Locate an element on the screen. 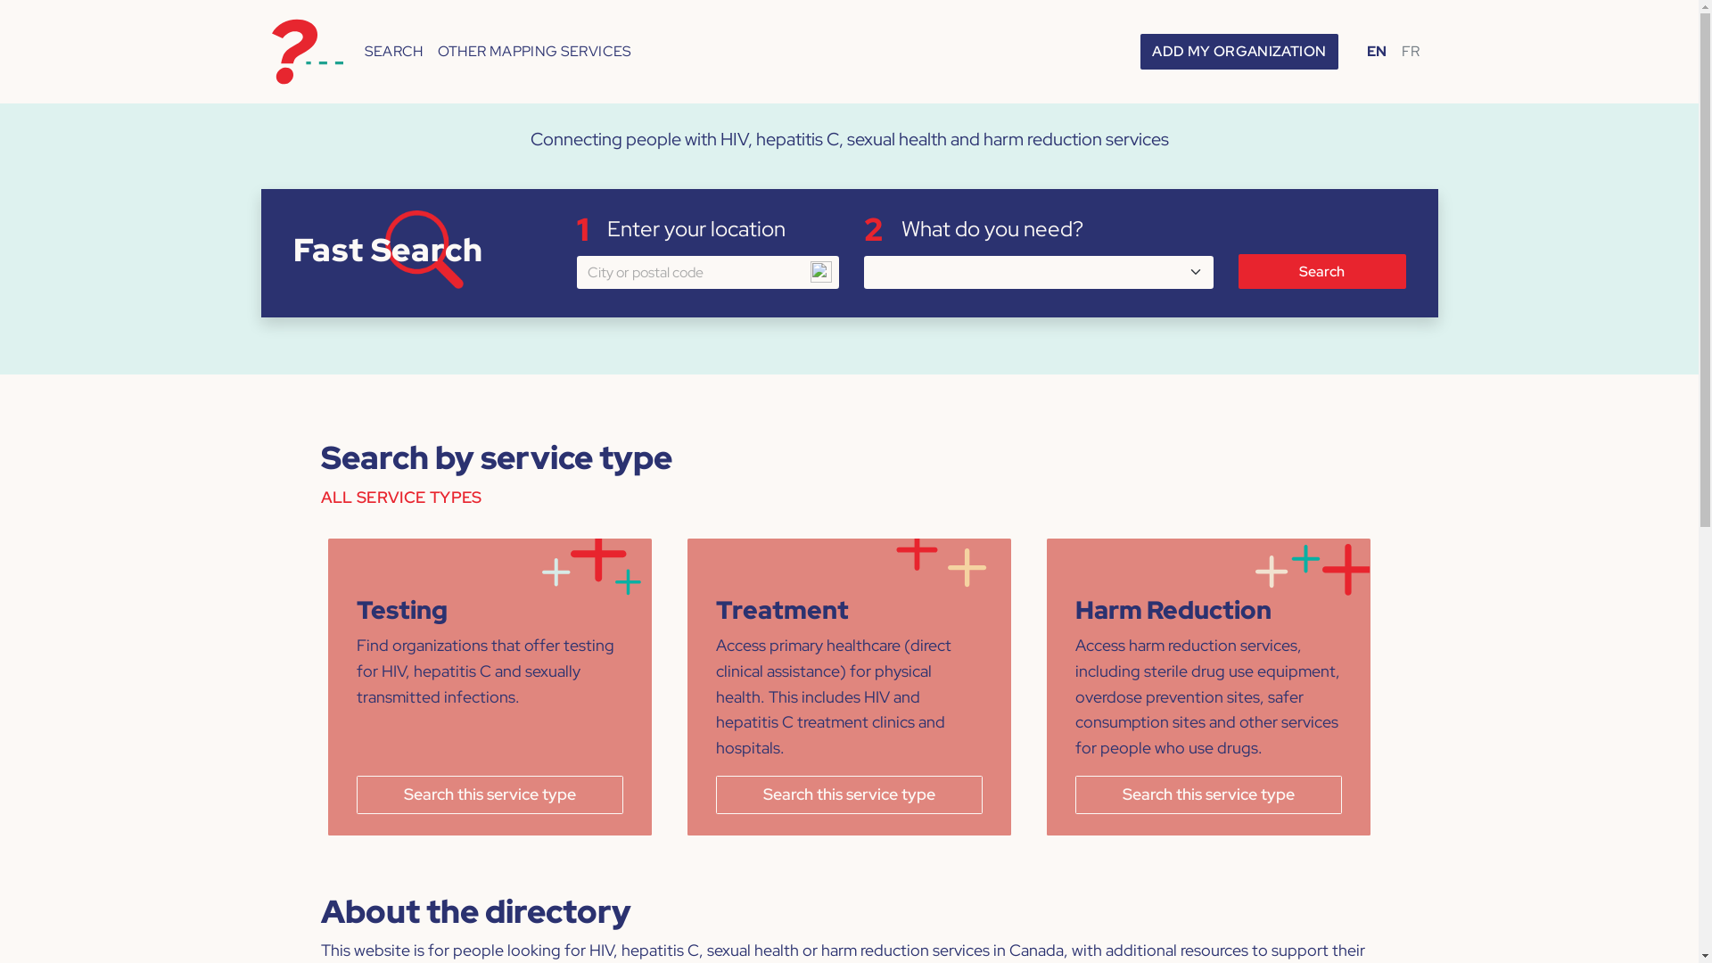  'Search this service type' is located at coordinates (1208, 794).